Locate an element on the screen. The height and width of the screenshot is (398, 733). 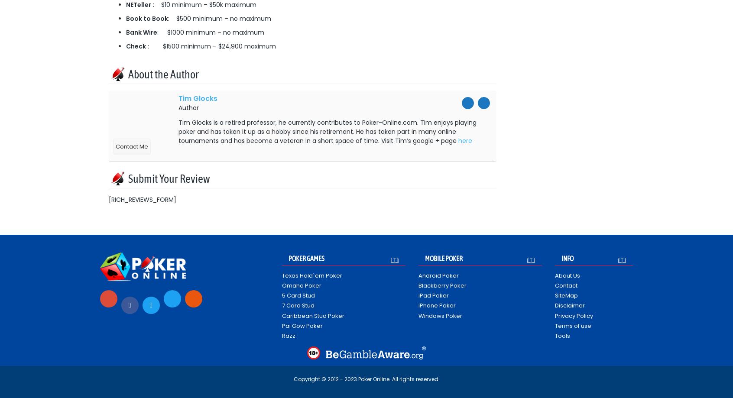
'Blackberry Poker' is located at coordinates (442, 285).